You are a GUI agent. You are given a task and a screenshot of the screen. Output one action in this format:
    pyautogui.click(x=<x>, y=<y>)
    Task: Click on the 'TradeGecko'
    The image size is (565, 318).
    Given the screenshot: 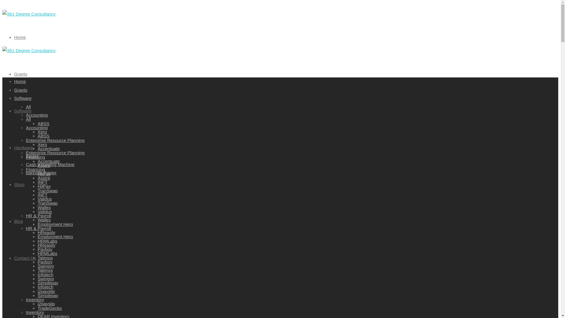 What is the action you would take?
    pyautogui.click(x=37, y=308)
    